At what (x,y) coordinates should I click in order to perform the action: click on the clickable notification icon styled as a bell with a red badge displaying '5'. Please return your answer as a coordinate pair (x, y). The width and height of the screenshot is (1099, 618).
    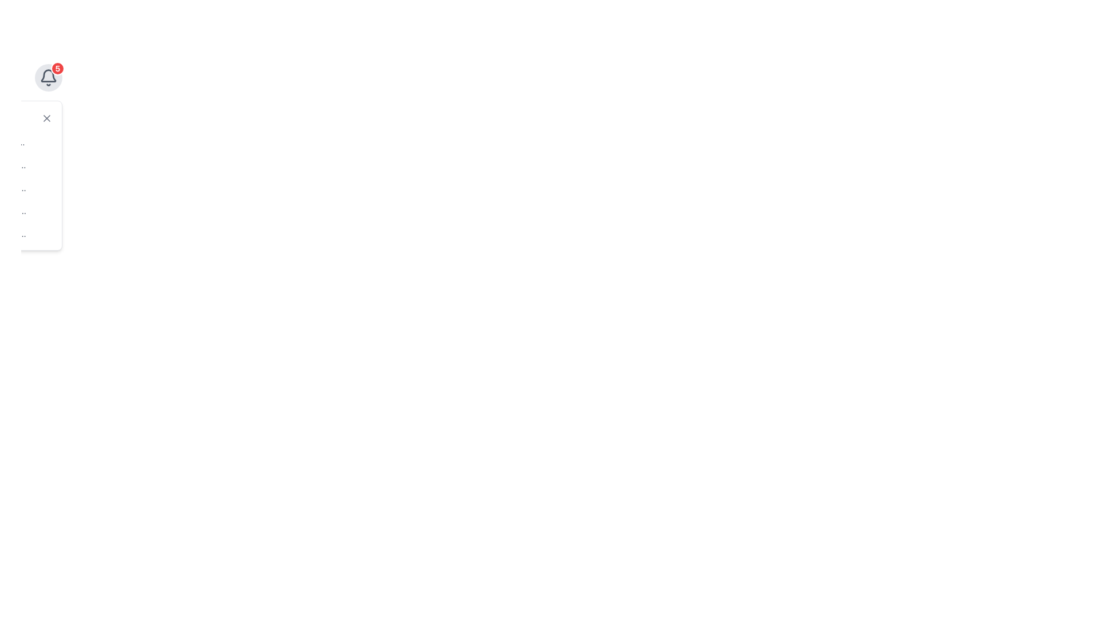
    Looking at the image, I should click on (48, 77).